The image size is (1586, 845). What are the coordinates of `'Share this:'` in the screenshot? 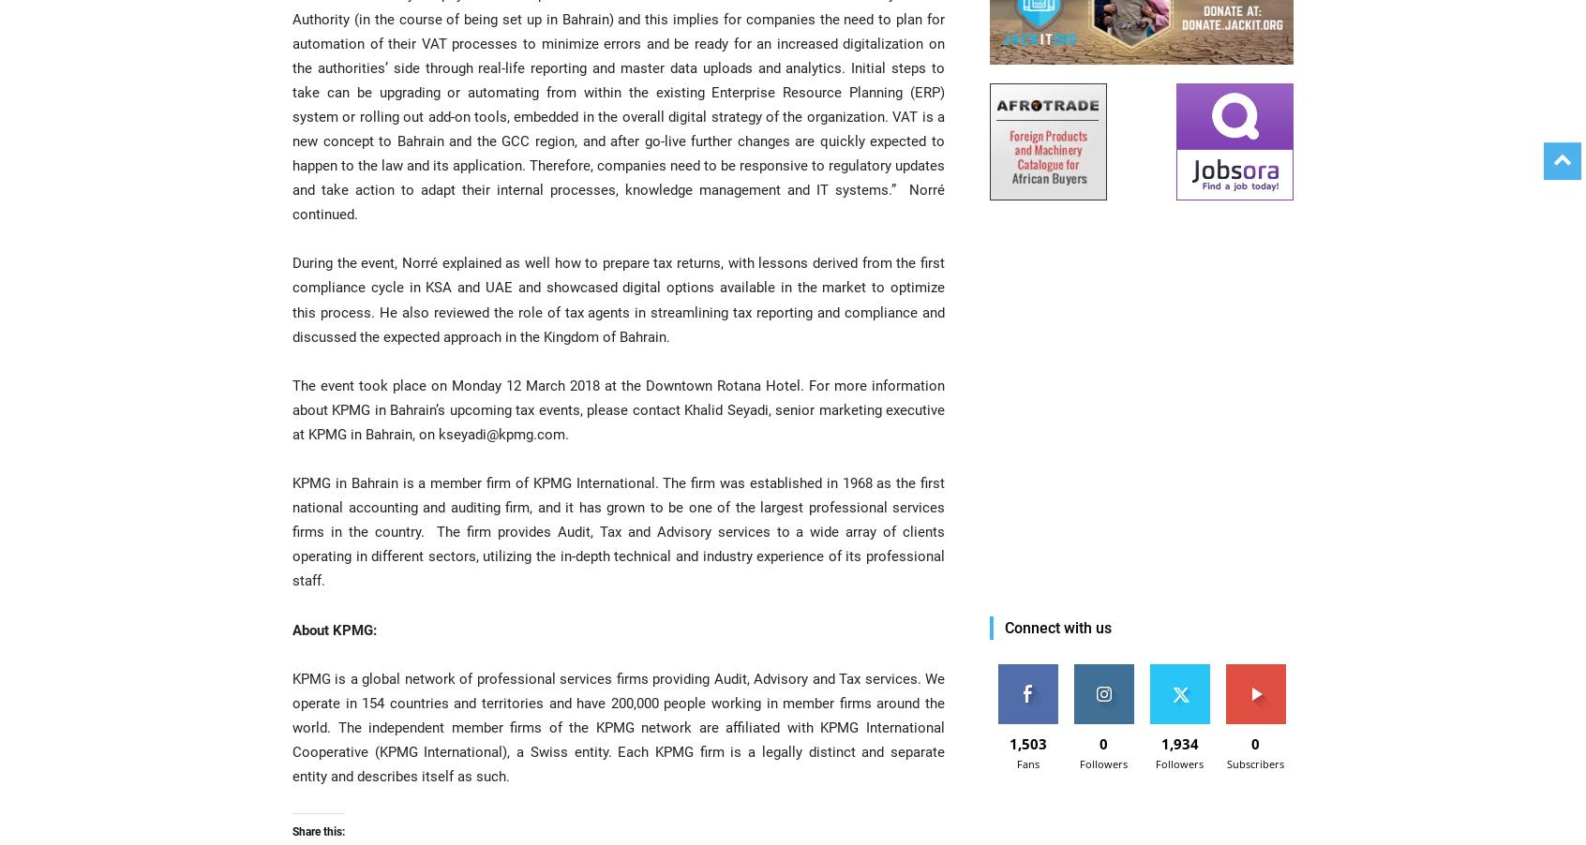 It's located at (292, 832).